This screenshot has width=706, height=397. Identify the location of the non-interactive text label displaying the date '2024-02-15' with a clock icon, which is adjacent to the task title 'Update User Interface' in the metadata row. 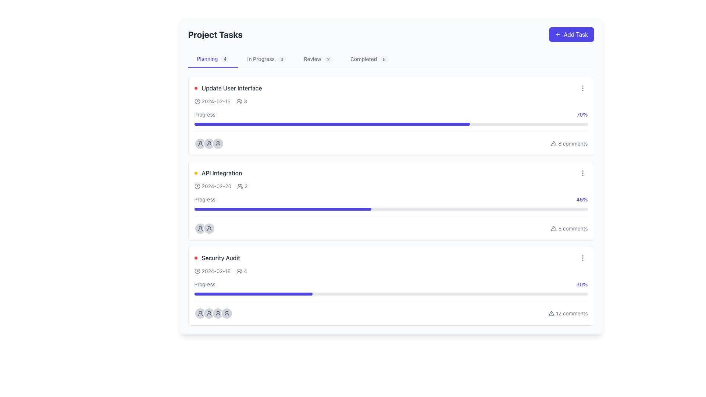
(212, 101).